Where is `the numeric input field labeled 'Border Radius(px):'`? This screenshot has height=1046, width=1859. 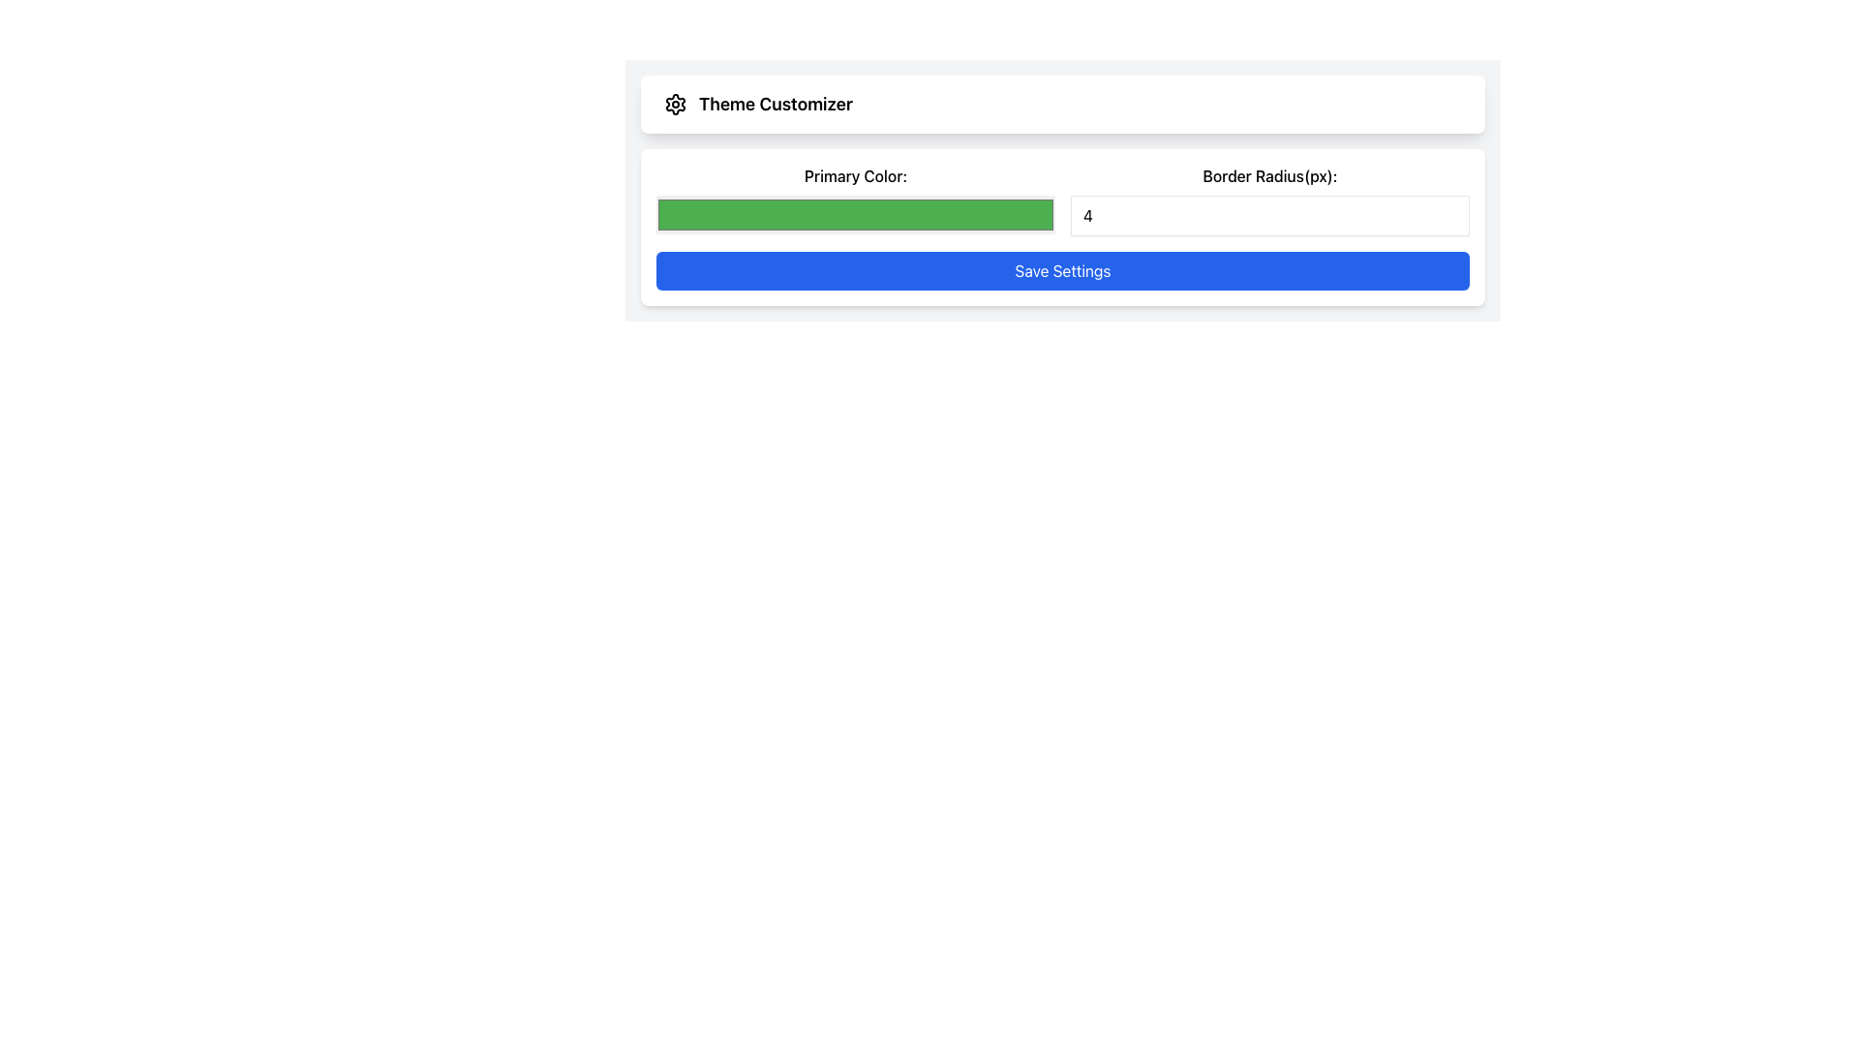
the numeric input field labeled 'Border Radius(px):' is located at coordinates (1269, 200).